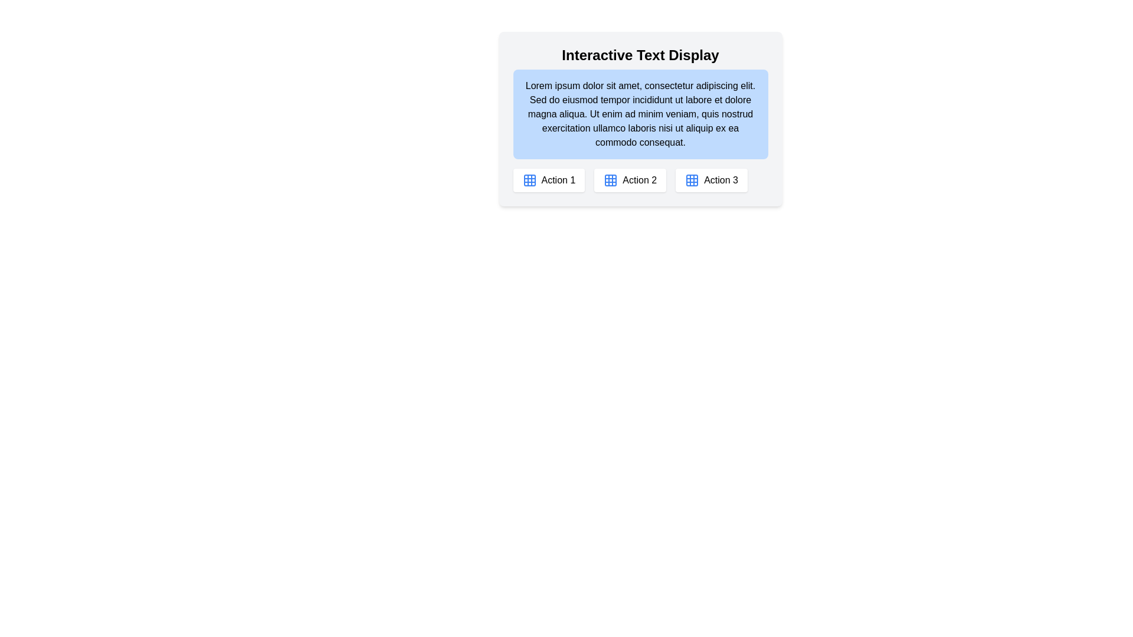 The width and height of the screenshot is (1133, 637). Describe the element at coordinates (529, 180) in the screenshot. I see `the decorative graphical component within the SVG that represents a grid, located in the center of the grid in the second action button below the descriptive text box` at that location.